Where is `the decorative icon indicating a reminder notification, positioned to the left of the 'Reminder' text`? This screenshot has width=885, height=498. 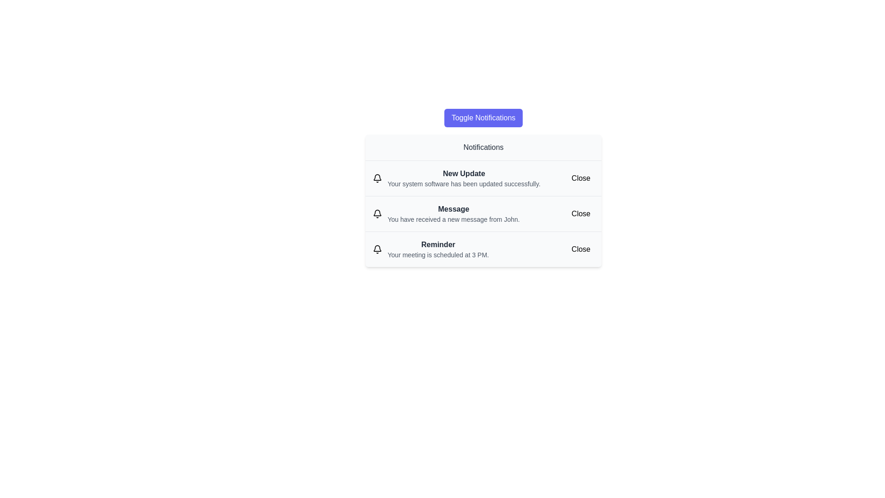 the decorative icon indicating a reminder notification, positioned to the left of the 'Reminder' text is located at coordinates (378, 249).